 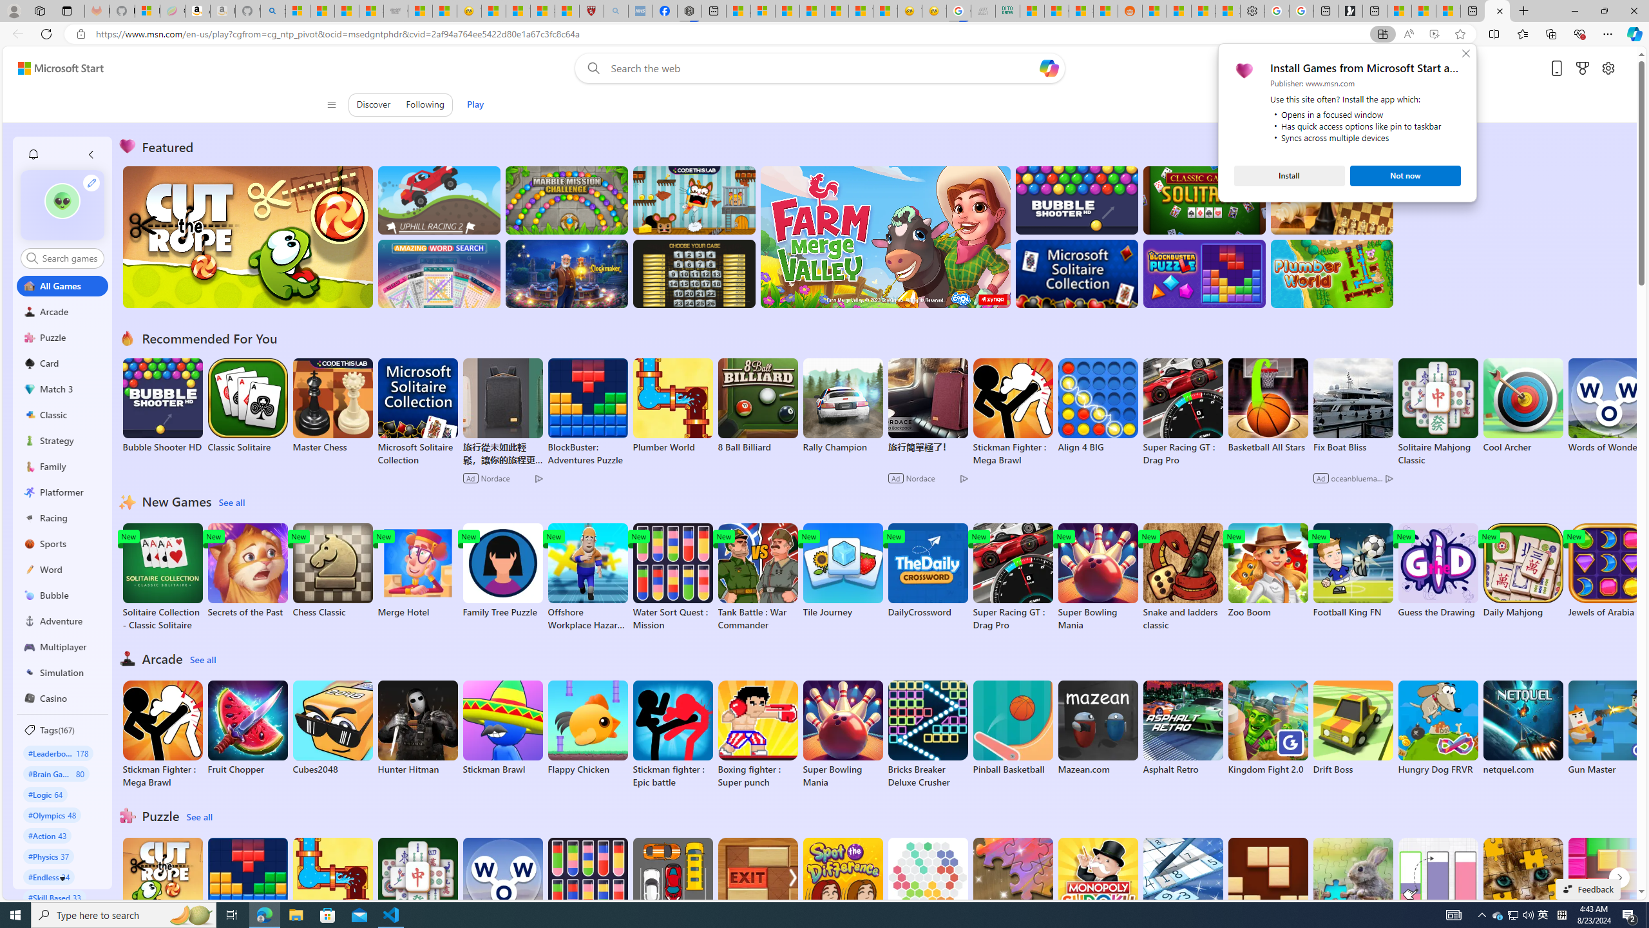 I want to click on '#Brain Games 80', so click(x=55, y=773).